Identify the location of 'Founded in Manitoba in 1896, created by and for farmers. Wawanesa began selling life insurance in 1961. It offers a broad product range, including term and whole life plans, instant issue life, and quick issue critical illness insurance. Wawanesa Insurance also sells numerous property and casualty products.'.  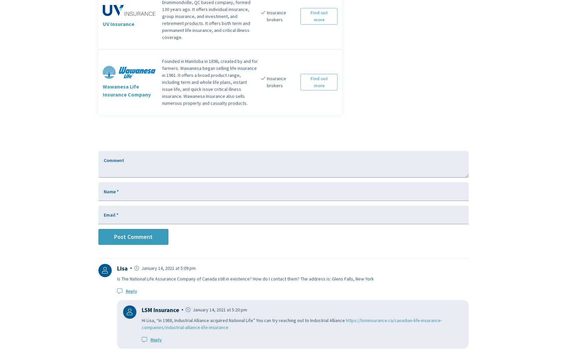
(209, 82).